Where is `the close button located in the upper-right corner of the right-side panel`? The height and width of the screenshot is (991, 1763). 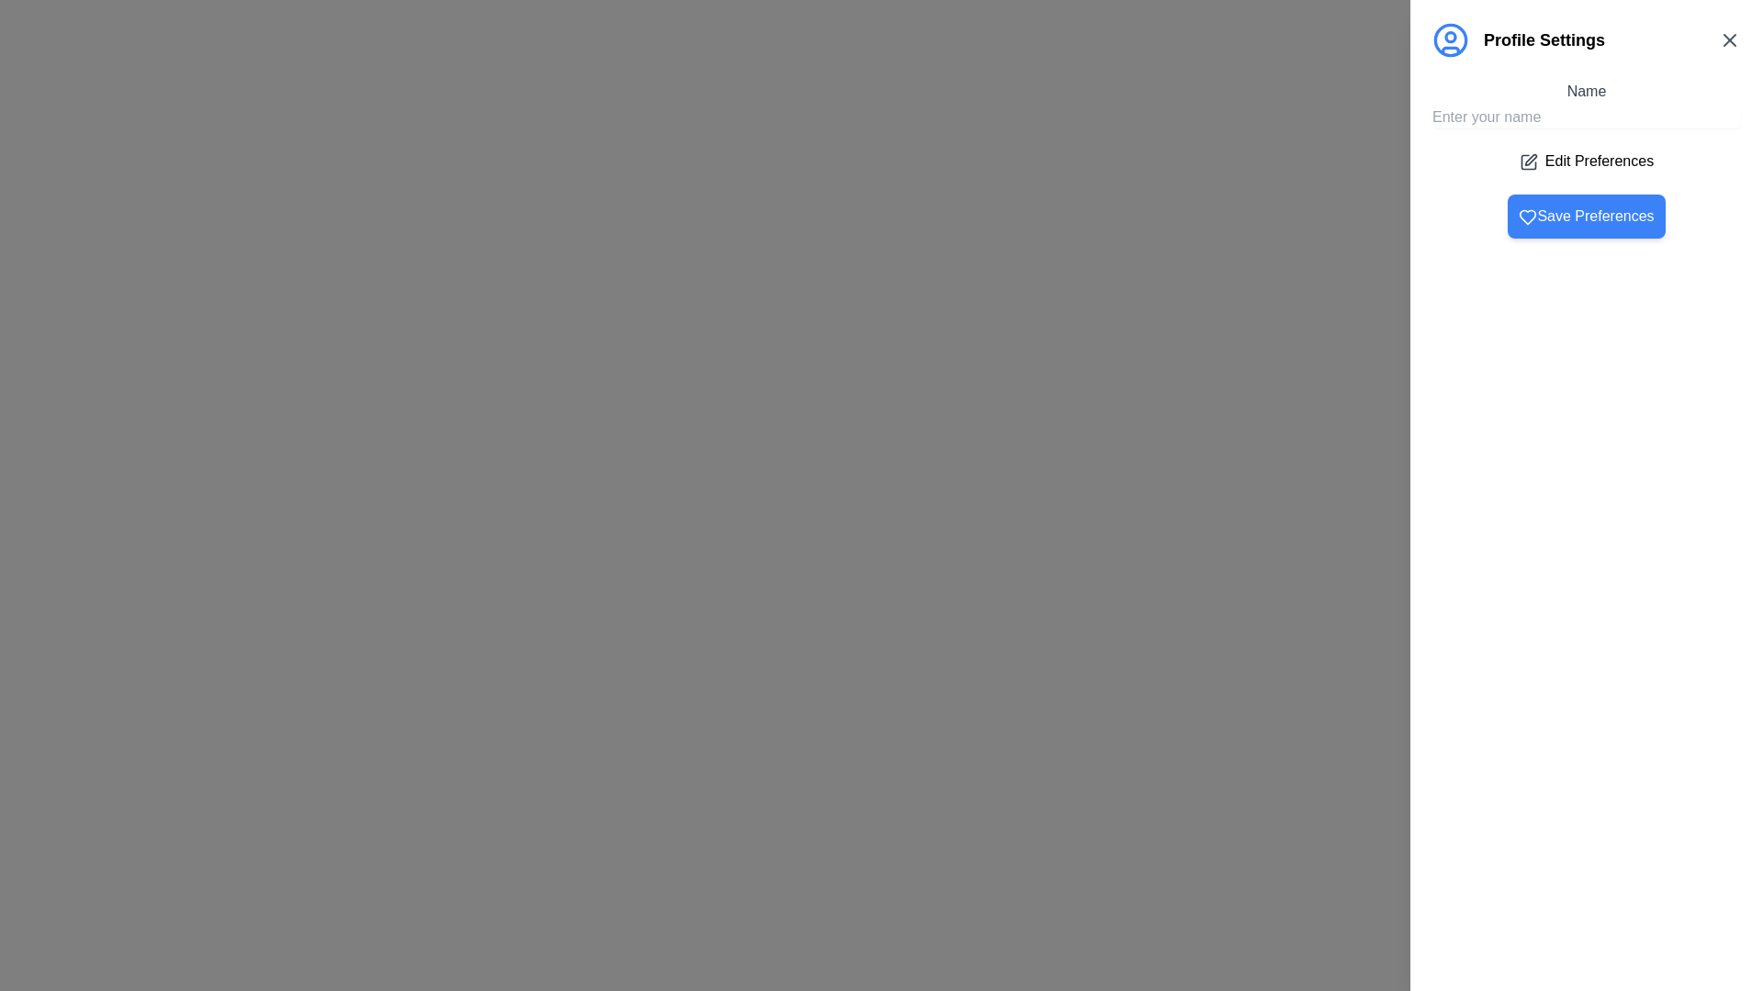 the close button located in the upper-right corner of the right-side panel is located at coordinates (1728, 39).